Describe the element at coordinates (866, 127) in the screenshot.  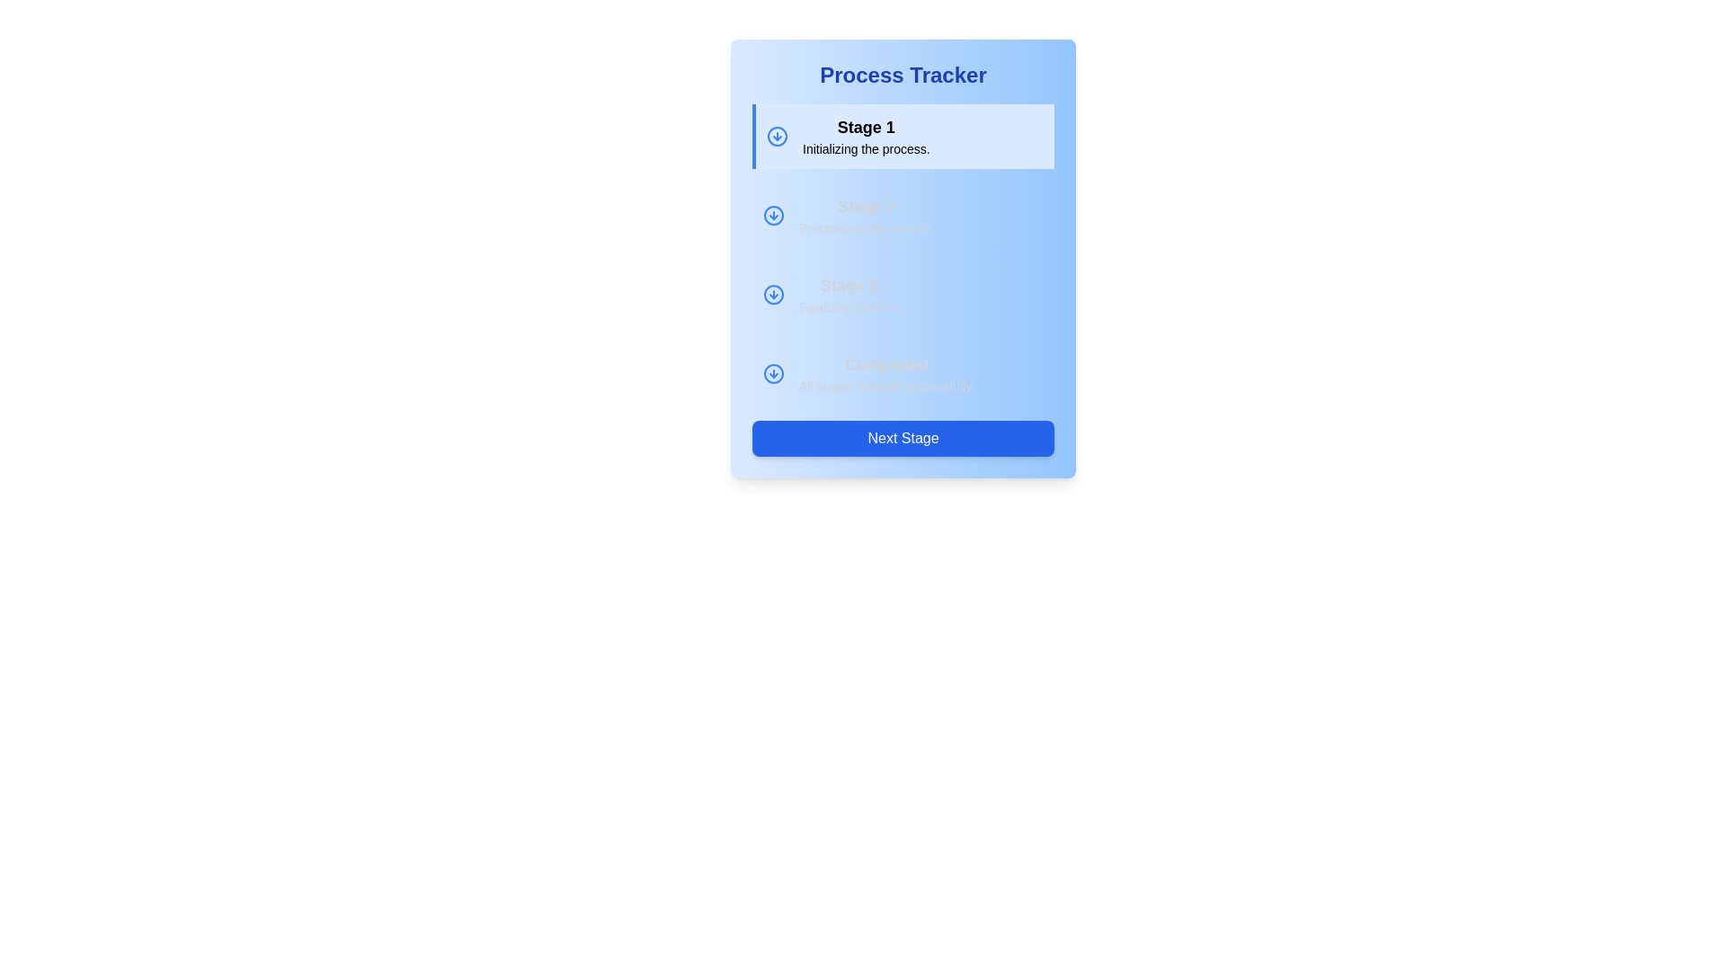
I see `the bold, black text label displaying 'Stage 1' located inside the blue panel titled 'Process Tracker'` at that location.